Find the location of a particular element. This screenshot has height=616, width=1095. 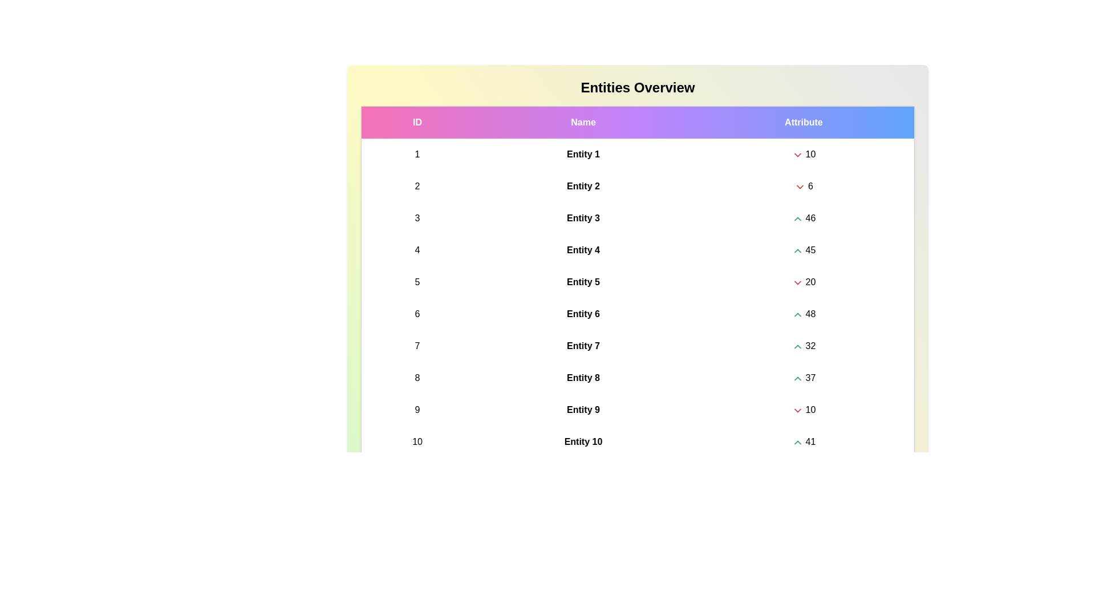

the table header ID to sort the table by that column is located at coordinates (416, 122).